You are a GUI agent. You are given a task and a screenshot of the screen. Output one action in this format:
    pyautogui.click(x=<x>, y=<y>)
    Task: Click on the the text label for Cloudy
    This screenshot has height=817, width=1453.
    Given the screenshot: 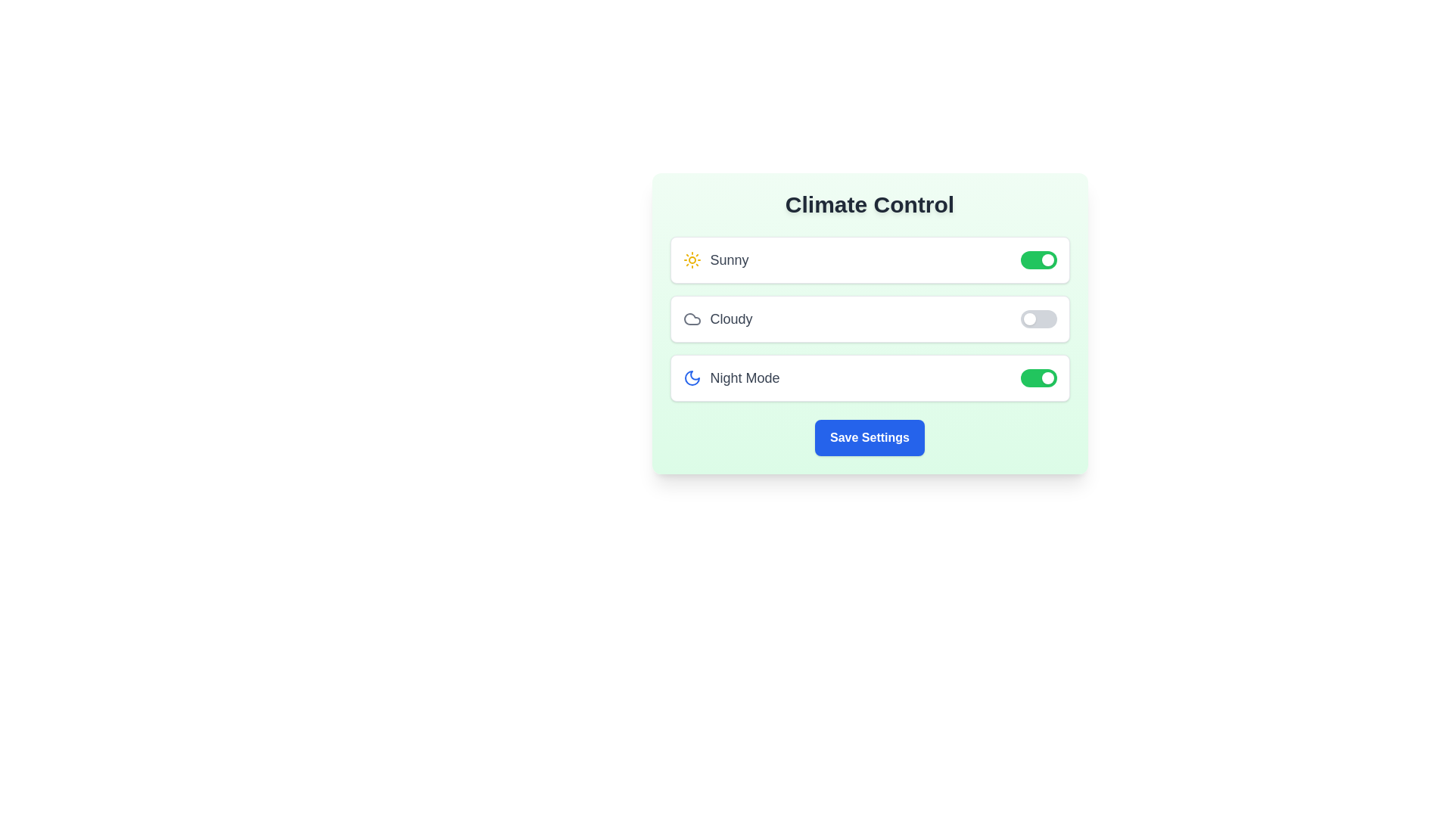 What is the action you would take?
    pyautogui.click(x=717, y=318)
    